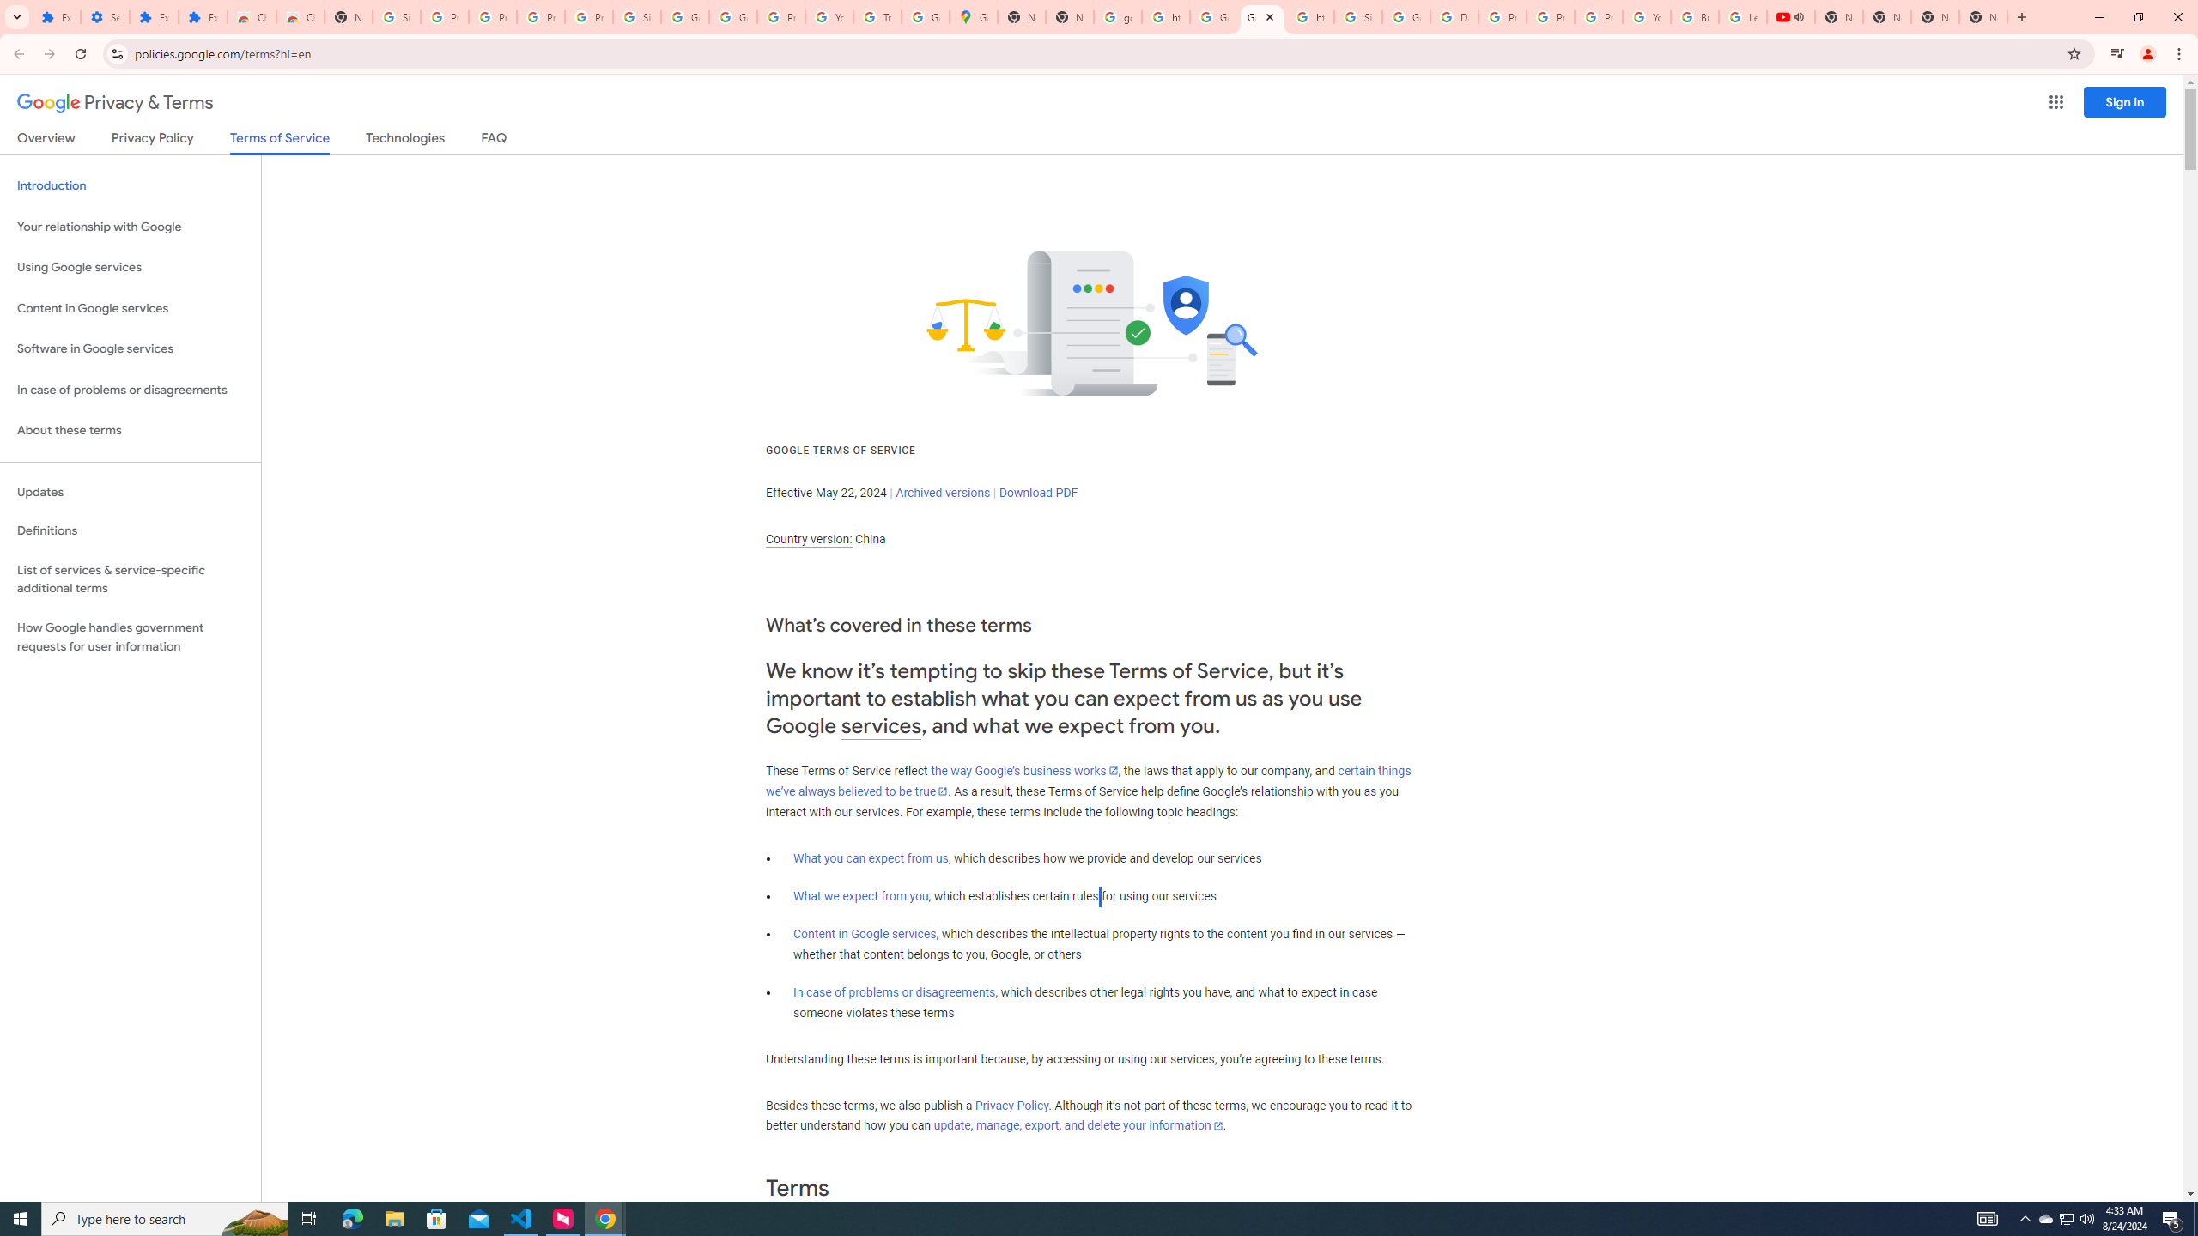  Describe the element at coordinates (252, 16) in the screenshot. I see `'Chrome Web Store'` at that location.